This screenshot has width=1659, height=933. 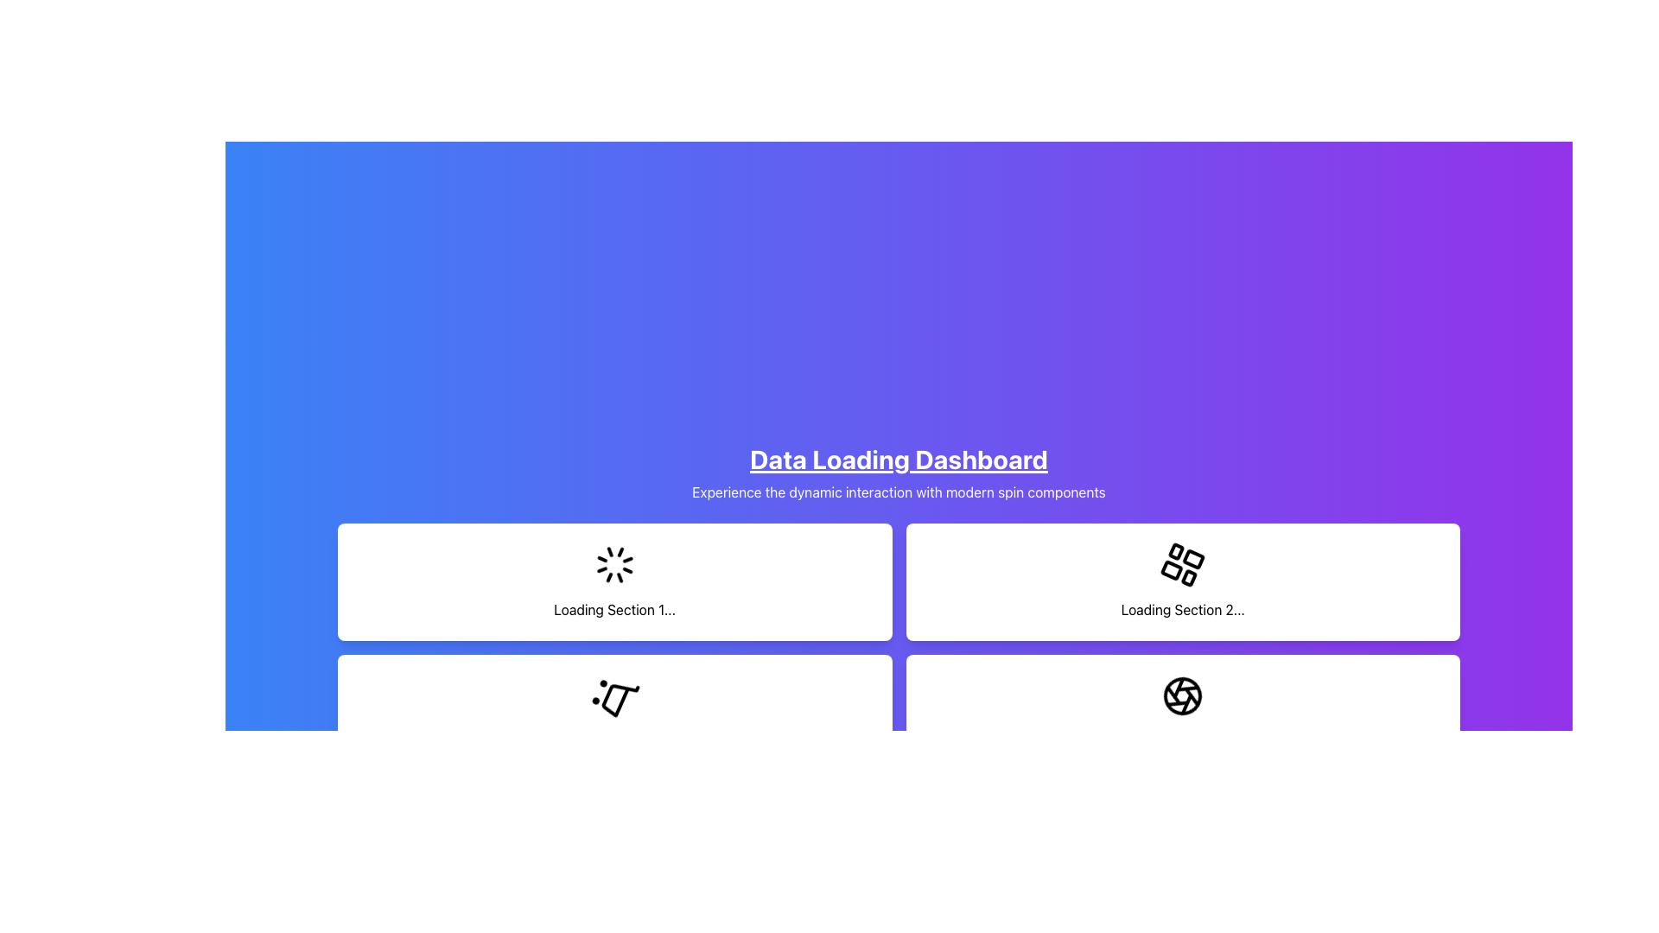 What do you see at coordinates (1172, 560) in the screenshot?
I see `the third rectangular icon in a grouped loading/dashboard design, which is black in color and slightly rounded, positioned above the lower-left rectangle and to the right of the top-left rectangle` at bounding box center [1172, 560].